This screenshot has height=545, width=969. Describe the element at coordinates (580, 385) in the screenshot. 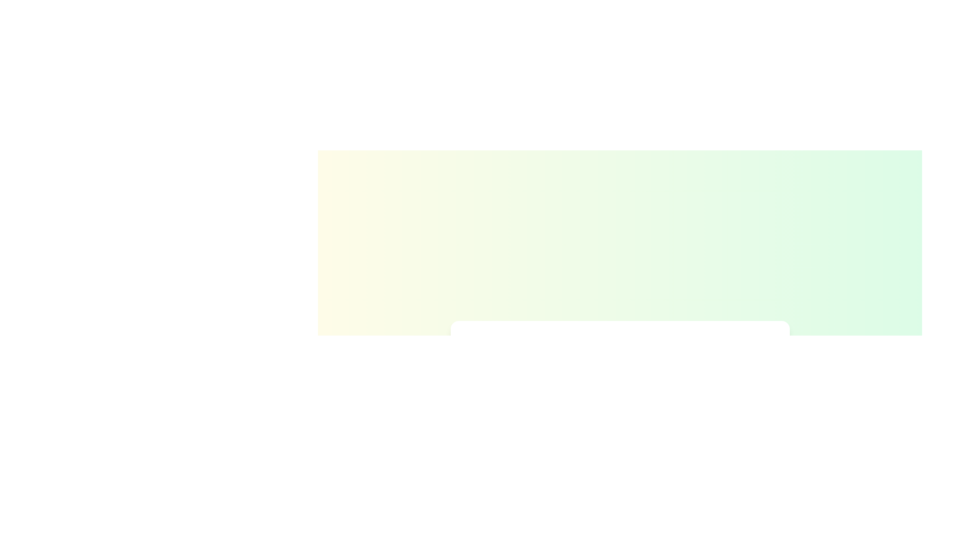

I see `the Progress Indicator, which is a horizontal bar positioned in the middle of a slider component and visually distinct with a solid fill, representing a 75% filled state` at that location.